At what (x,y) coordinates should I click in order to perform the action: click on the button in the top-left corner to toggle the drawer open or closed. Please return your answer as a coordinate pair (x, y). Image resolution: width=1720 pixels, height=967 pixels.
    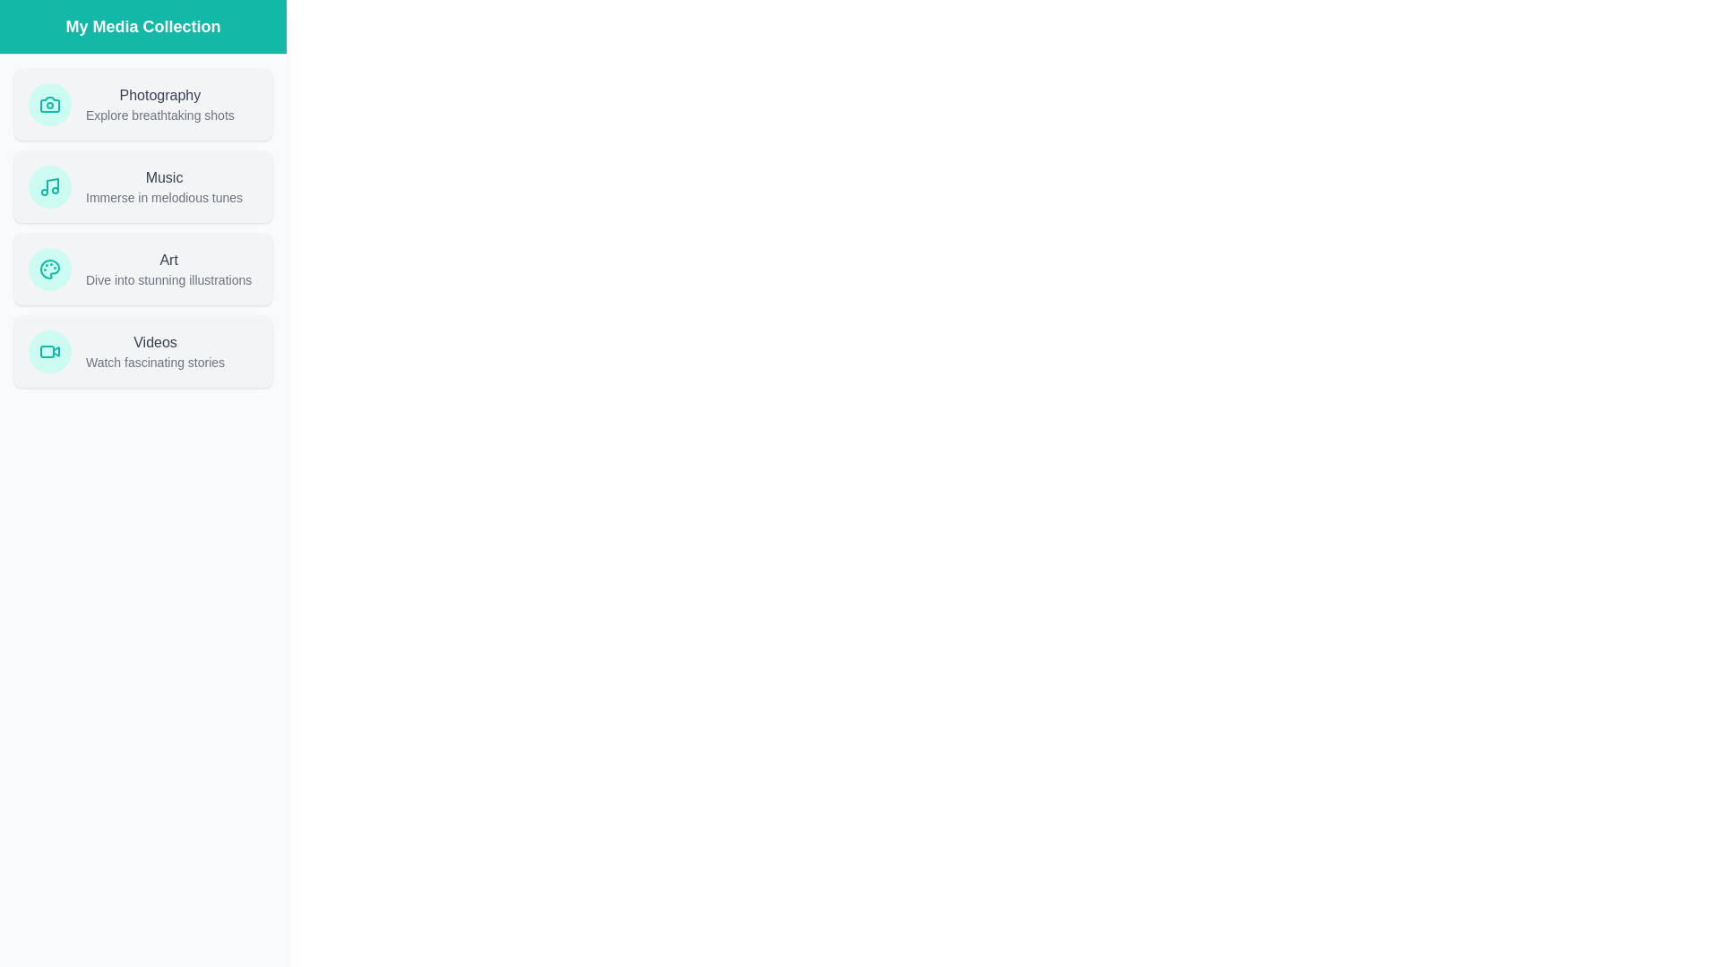
    Looking at the image, I should click on (35, 35).